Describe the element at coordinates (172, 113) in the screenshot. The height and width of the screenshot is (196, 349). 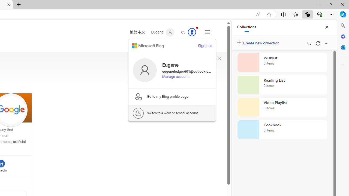
I see `'Switch to a work or school account'` at that location.